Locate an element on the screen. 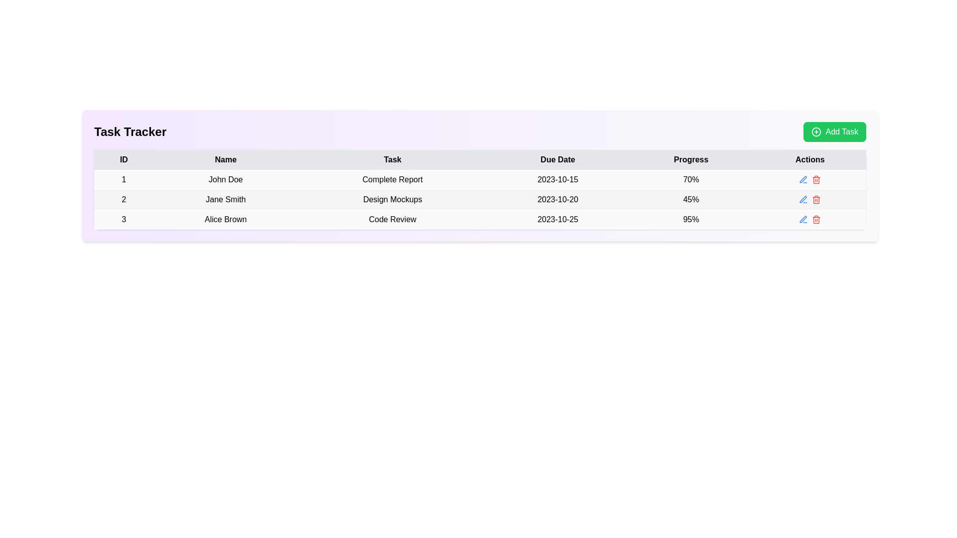 This screenshot has width=957, height=538. the text label displaying the date '2023-10-15' located in the 'Due Date' column of a table row is located at coordinates (557, 180).